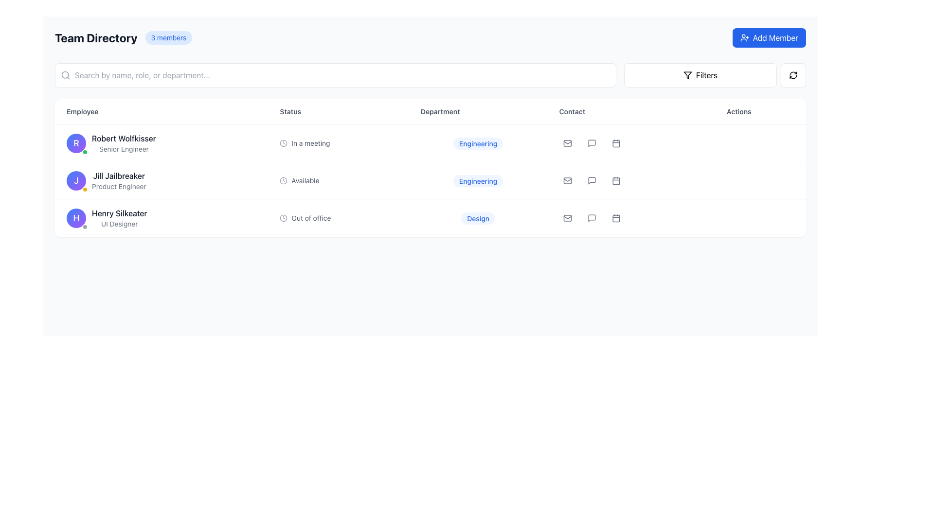 Image resolution: width=934 pixels, height=525 pixels. I want to click on the name label for the individual listed in the team directory, which is positioned at the top-left corner of the row, above the subtitle 'Senior Engineer' and next to the avatar icon, so click(123, 139).